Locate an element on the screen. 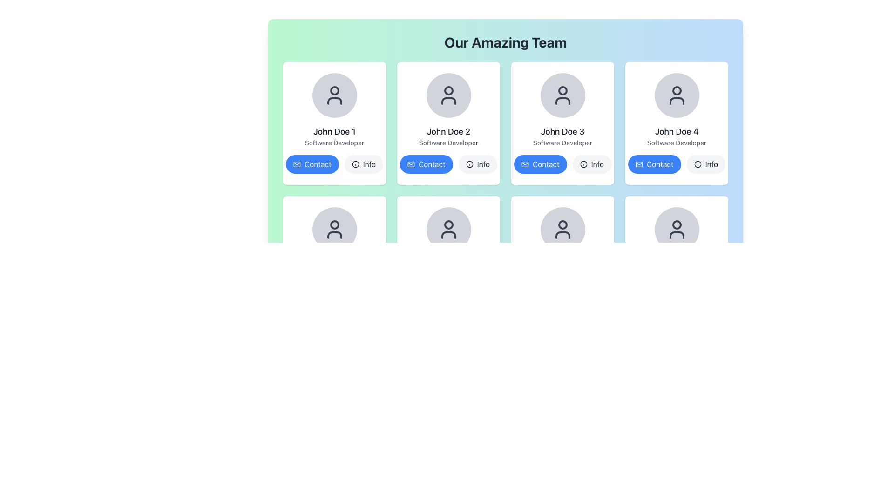  the circular profile placeholder with a gray background and user icon, located in the second column of the top row in the grid-like structure is located at coordinates (448, 95).